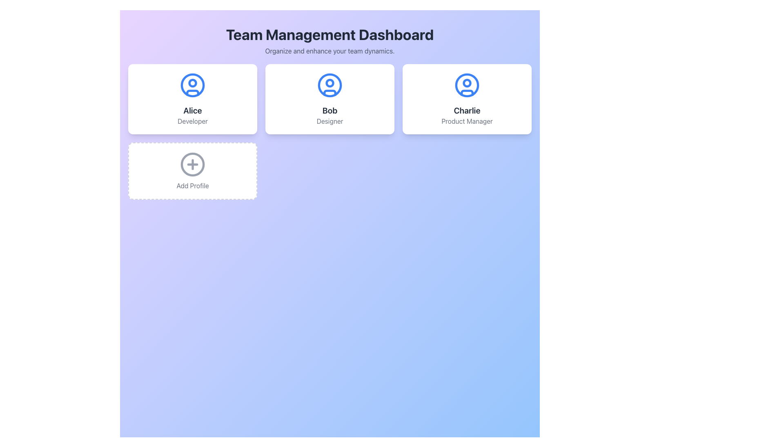 The width and height of the screenshot is (784, 441). I want to click on the profile card featuring a blue user icon, the name 'Alice' in bold, and the title 'Developer', so click(192, 99).